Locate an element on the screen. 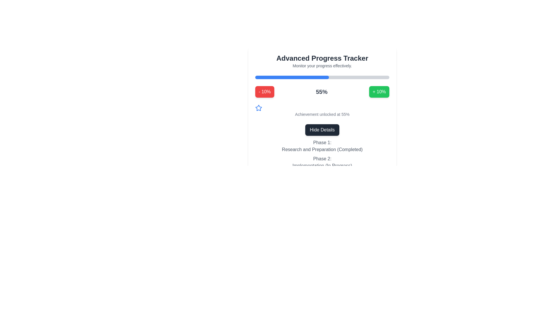 The width and height of the screenshot is (555, 312). the 'Hide Details' button with a dark gray background and white text is located at coordinates (322, 130).